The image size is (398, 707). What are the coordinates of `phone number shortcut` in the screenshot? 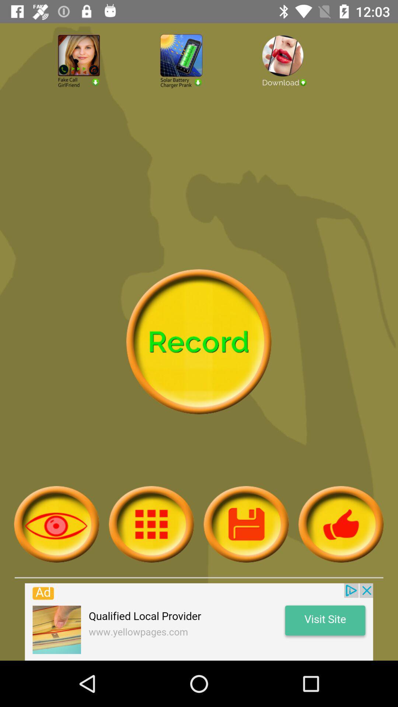 It's located at (96, 81).